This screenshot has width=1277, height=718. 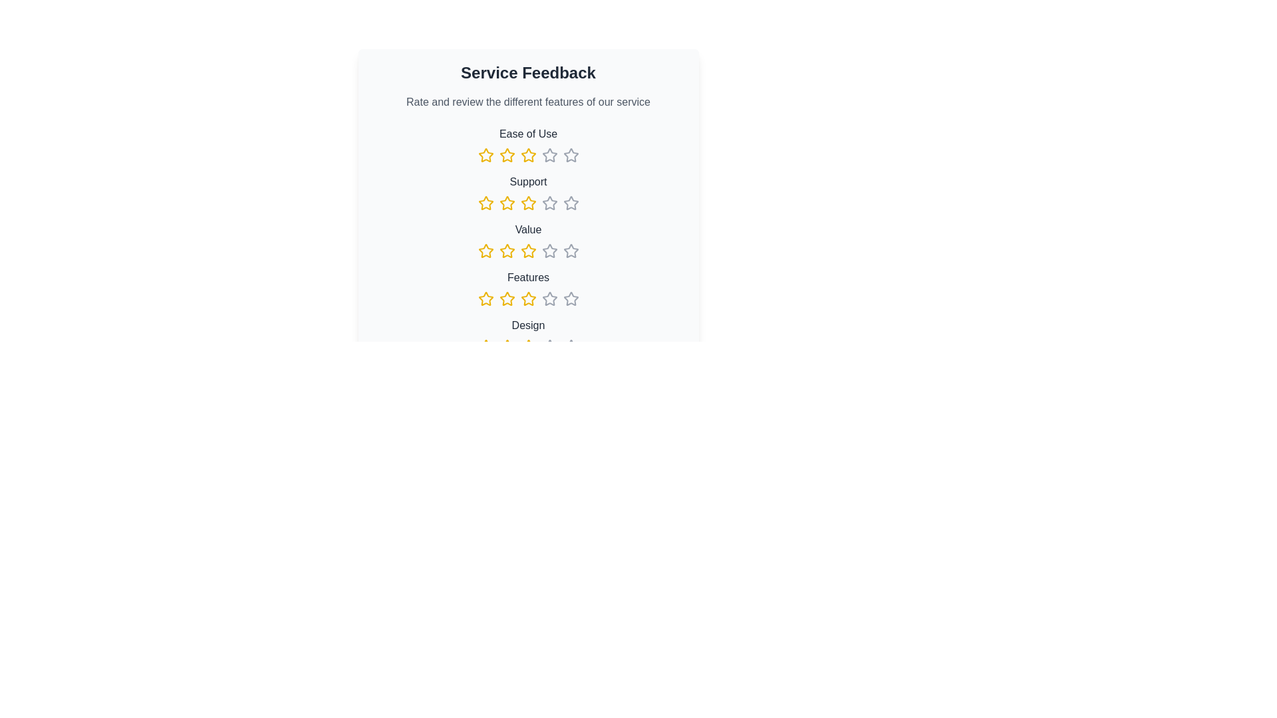 What do you see at coordinates (527, 251) in the screenshot?
I see `the third star` at bounding box center [527, 251].